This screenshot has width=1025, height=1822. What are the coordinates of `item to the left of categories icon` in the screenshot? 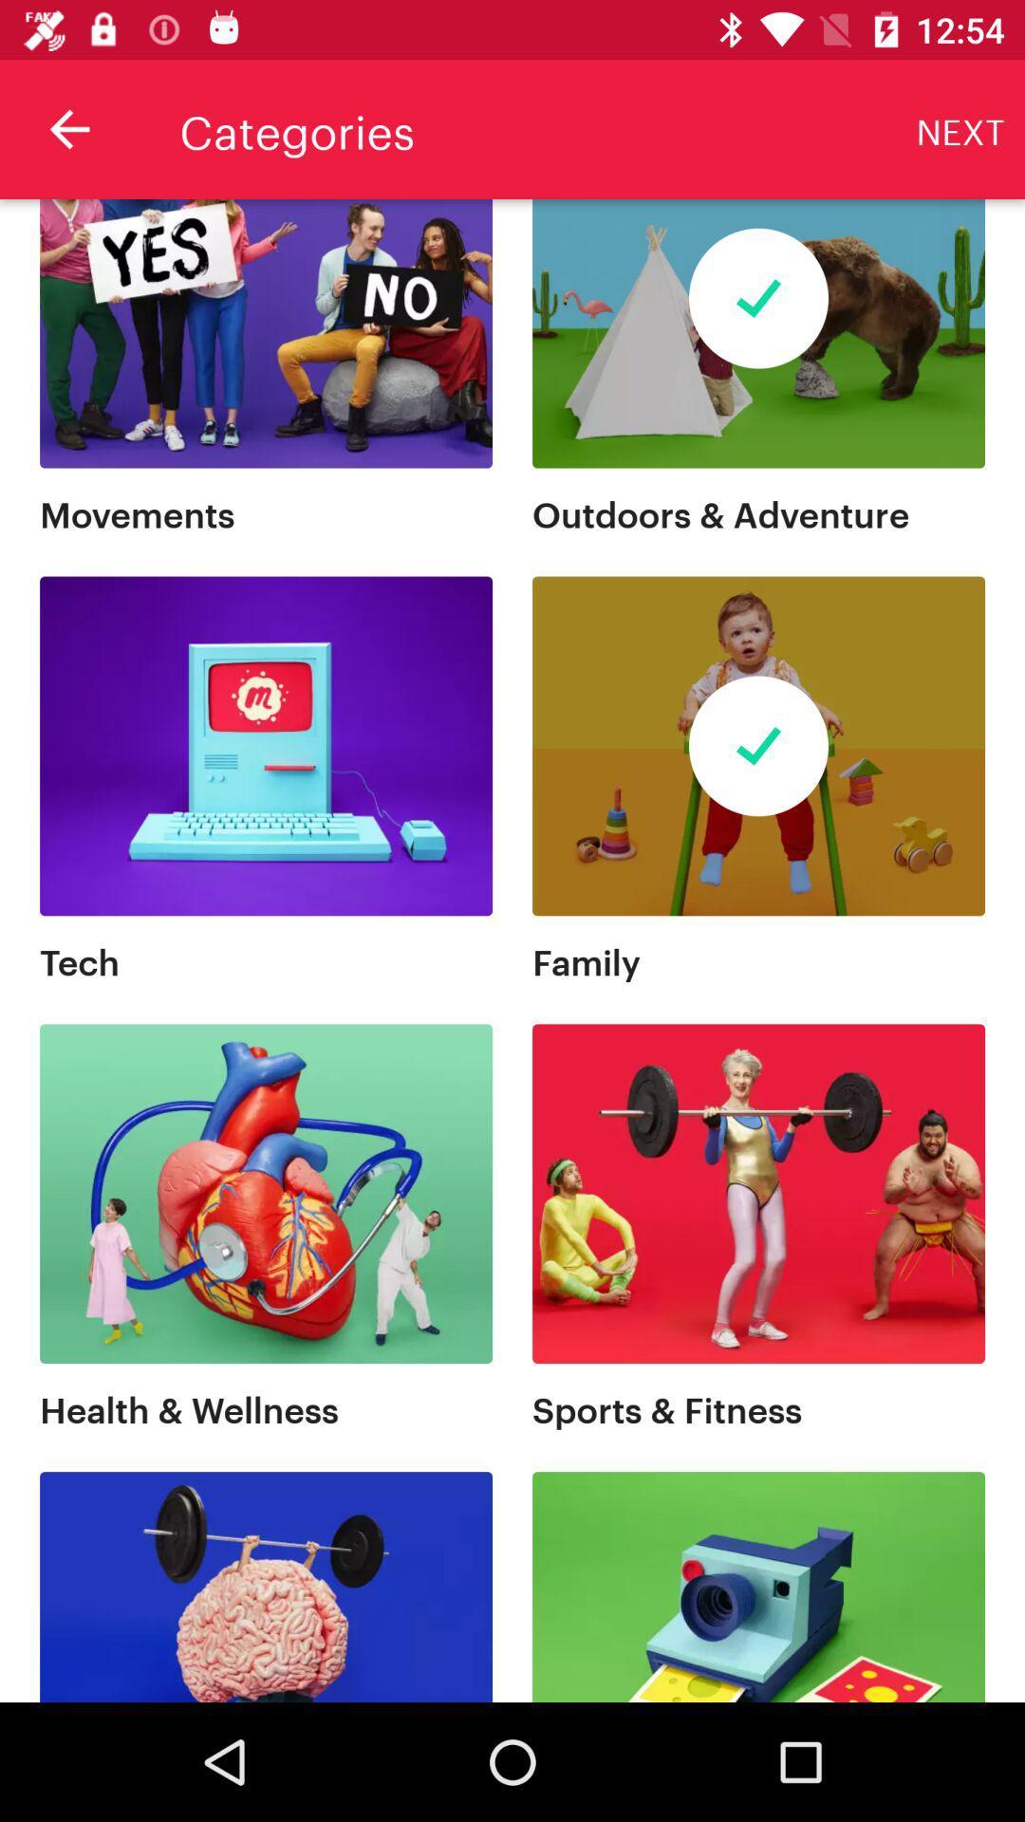 It's located at (68, 128).